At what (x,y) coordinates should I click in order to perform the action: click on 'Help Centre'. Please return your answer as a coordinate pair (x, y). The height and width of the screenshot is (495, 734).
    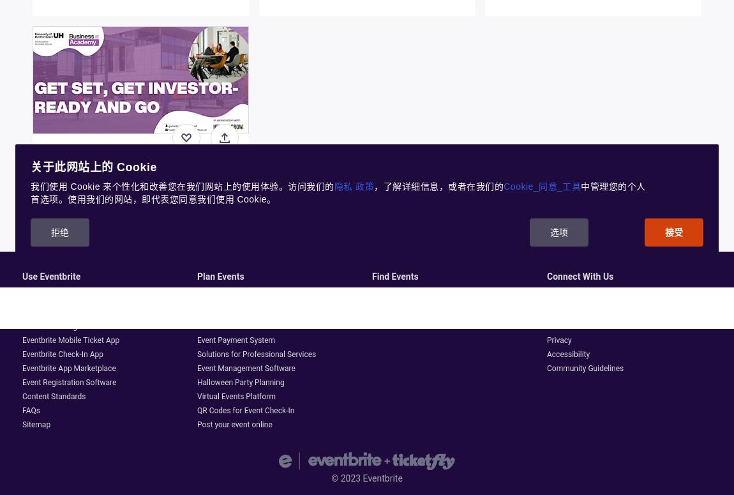
    Looking at the image, I should click on (567, 312).